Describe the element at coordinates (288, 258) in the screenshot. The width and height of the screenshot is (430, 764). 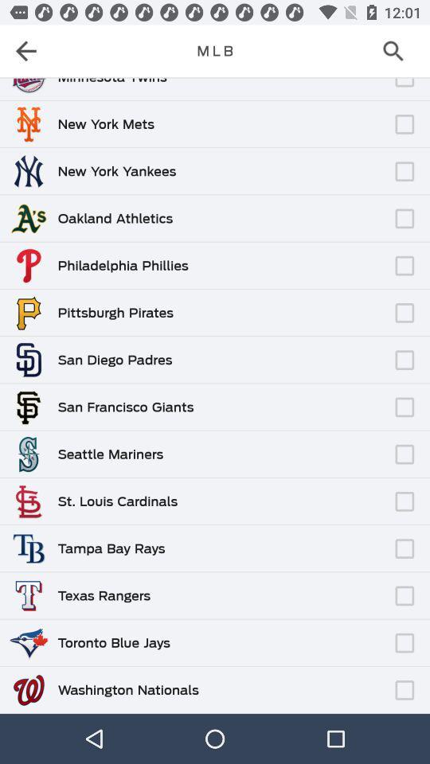
I see `the item above philadelphia phillies item` at that location.